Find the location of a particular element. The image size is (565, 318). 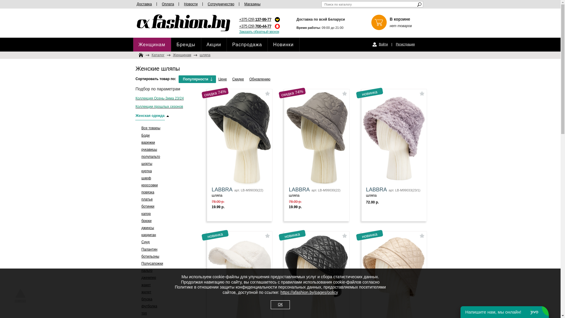

'+375 (29) 700-44-77' is located at coordinates (255, 26).